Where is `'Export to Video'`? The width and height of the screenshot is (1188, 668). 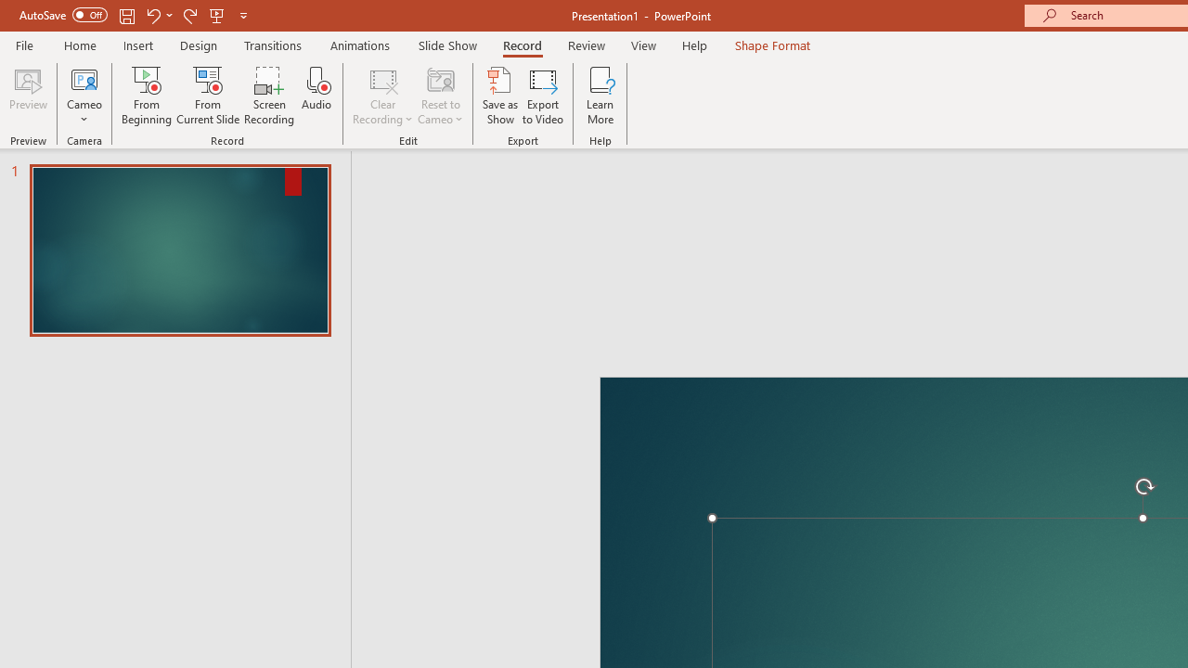
'Export to Video' is located at coordinates (542, 96).